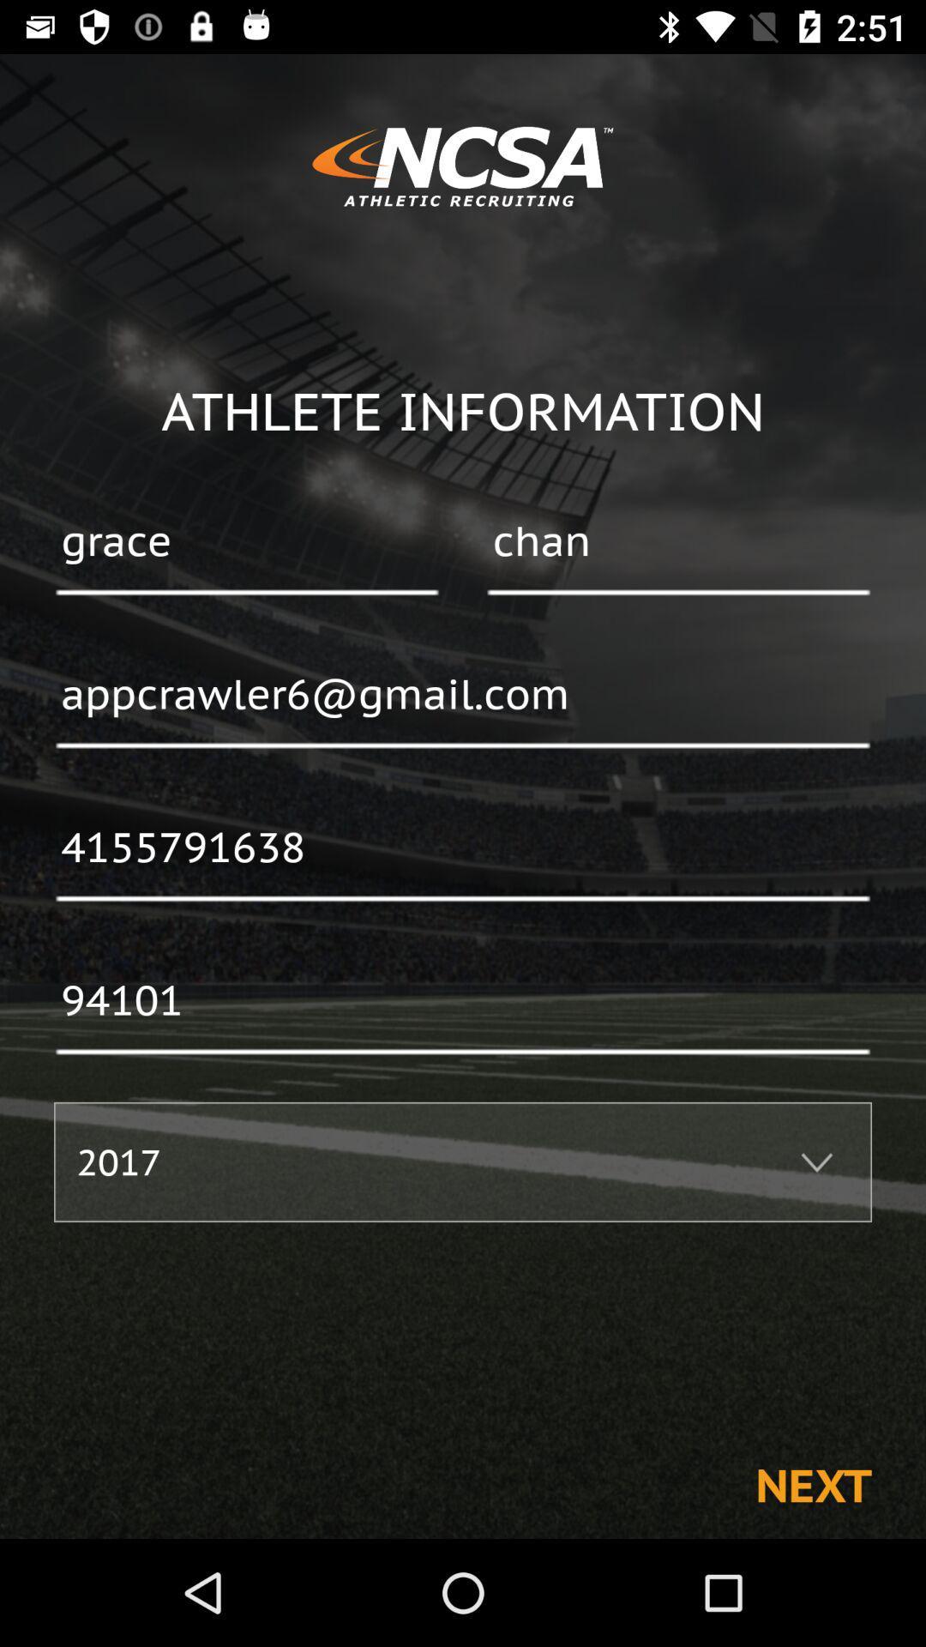 This screenshot has width=926, height=1647. Describe the element at coordinates (247, 542) in the screenshot. I see `icon at the top left corner` at that location.